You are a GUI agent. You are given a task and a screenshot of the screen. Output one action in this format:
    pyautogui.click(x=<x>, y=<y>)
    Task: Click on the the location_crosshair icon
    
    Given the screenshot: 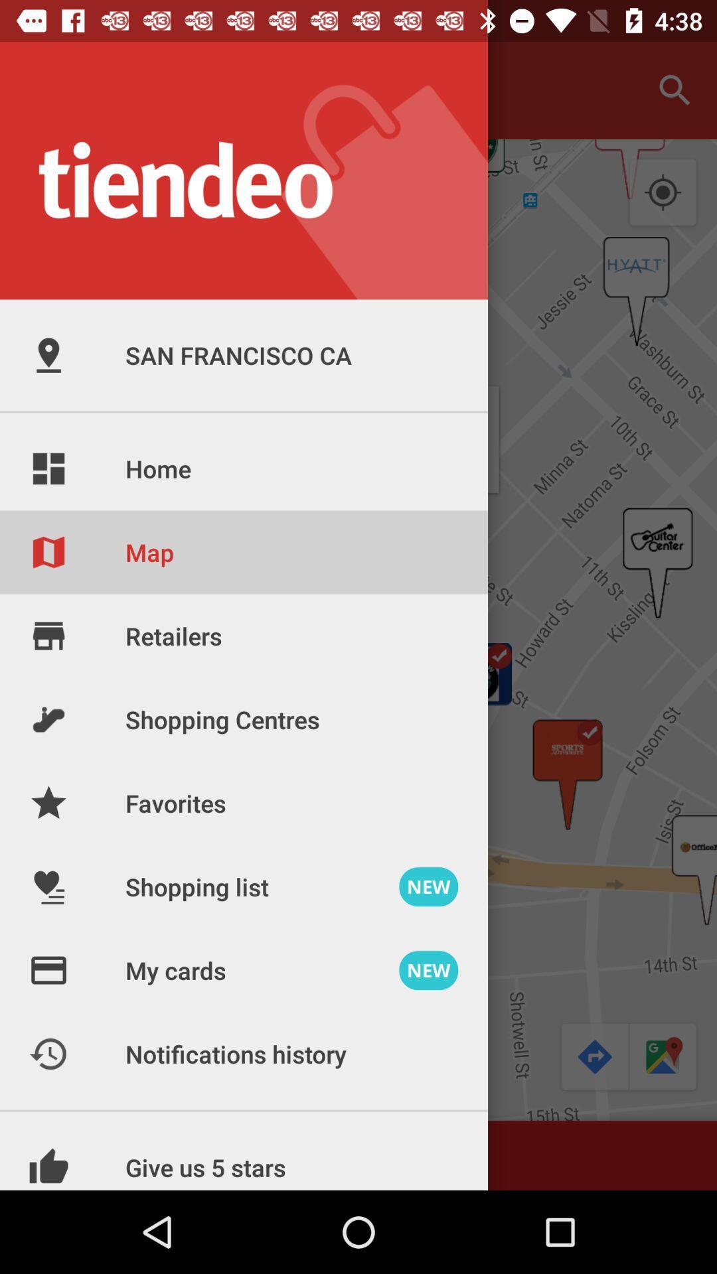 What is the action you would take?
    pyautogui.click(x=663, y=192)
    